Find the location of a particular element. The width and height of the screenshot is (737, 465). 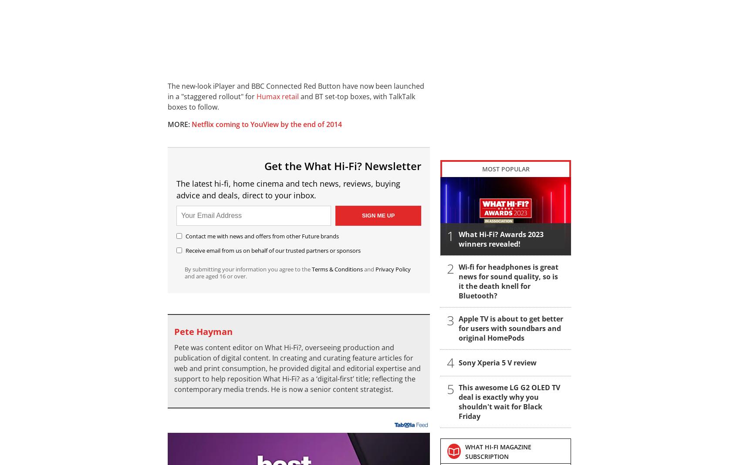

'Contact me with news and offers from other Future brands' is located at coordinates (262, 236).